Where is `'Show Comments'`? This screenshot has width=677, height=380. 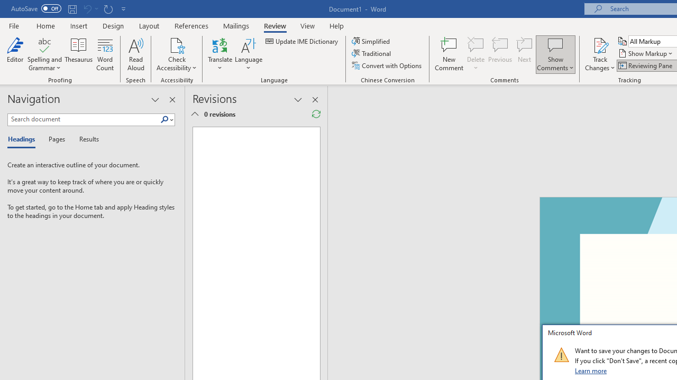 'Show Comments' is located at coordinates (555, 54).